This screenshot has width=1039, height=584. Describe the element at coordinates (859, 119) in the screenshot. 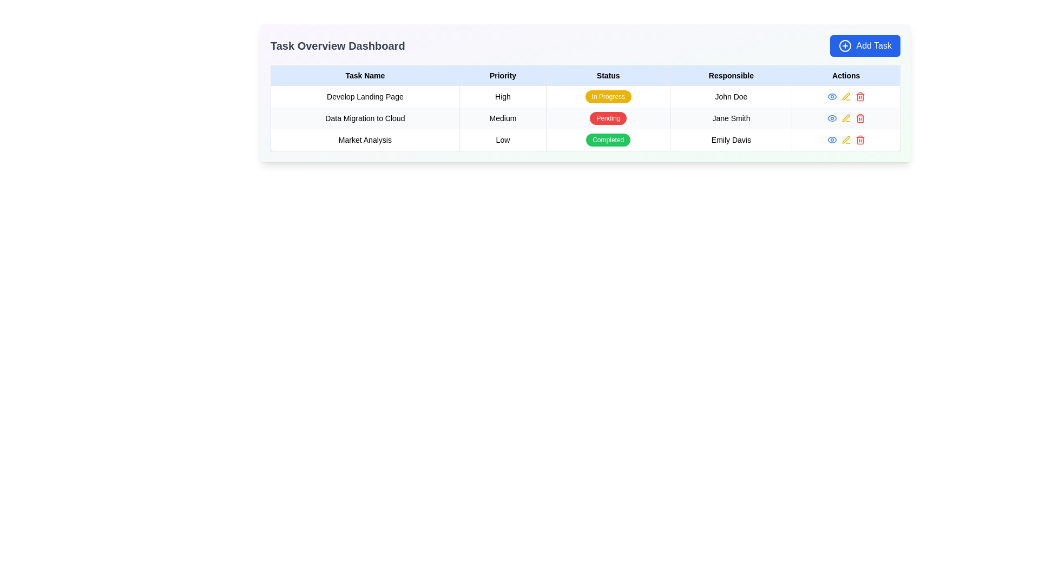

I see `the trash can icon in the 'Actions' column of the last row of the table, which is styled in red and signifies a delete action` at that location.